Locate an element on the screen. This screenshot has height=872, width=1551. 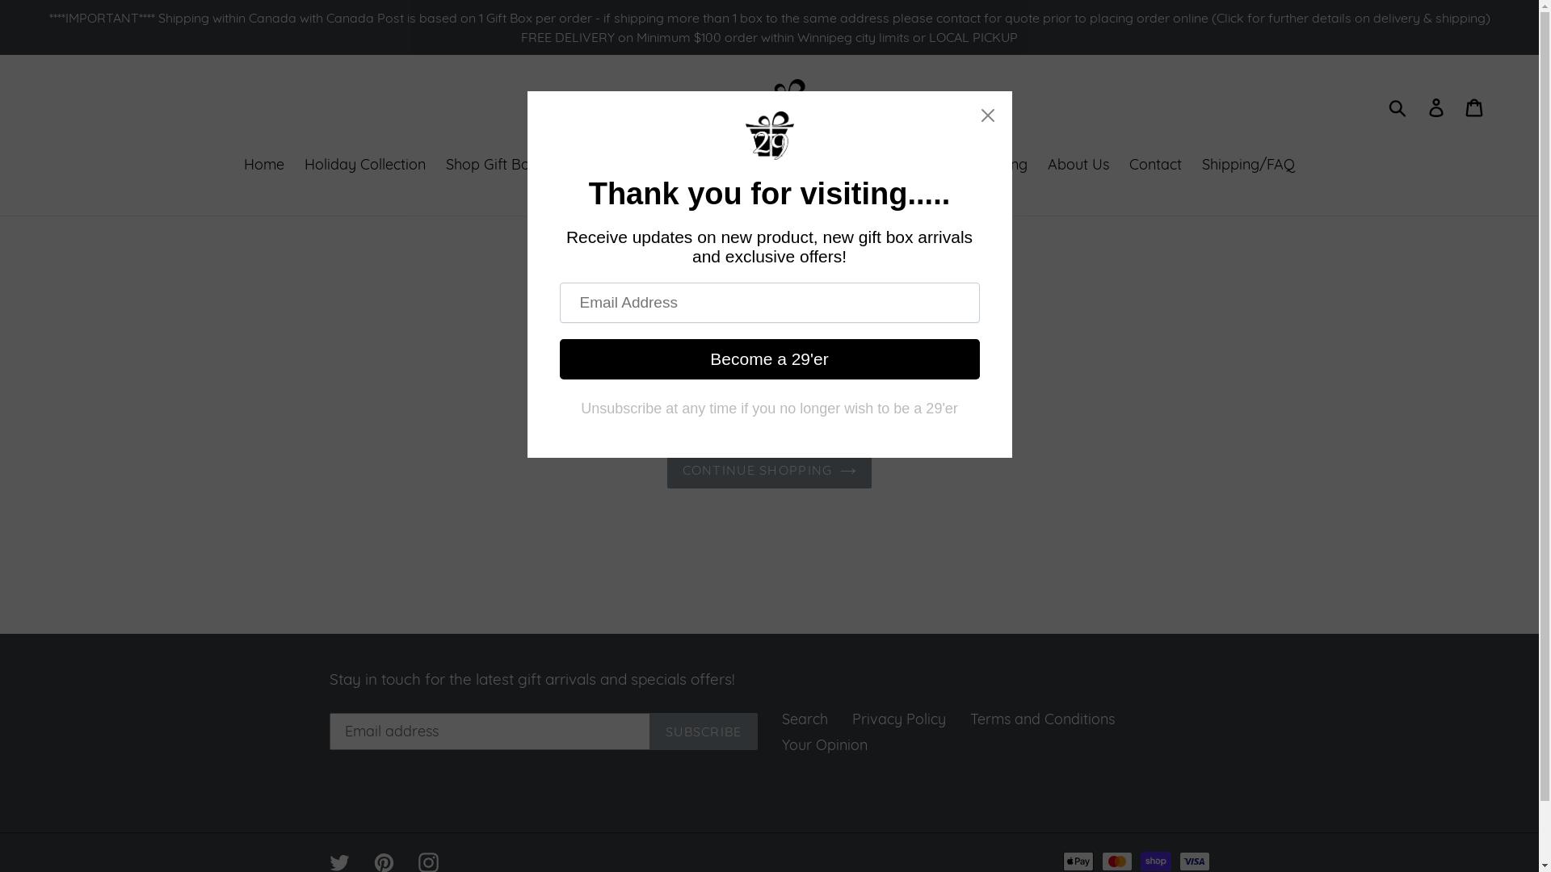
'Log in' is located at coordinates (1418, 106).